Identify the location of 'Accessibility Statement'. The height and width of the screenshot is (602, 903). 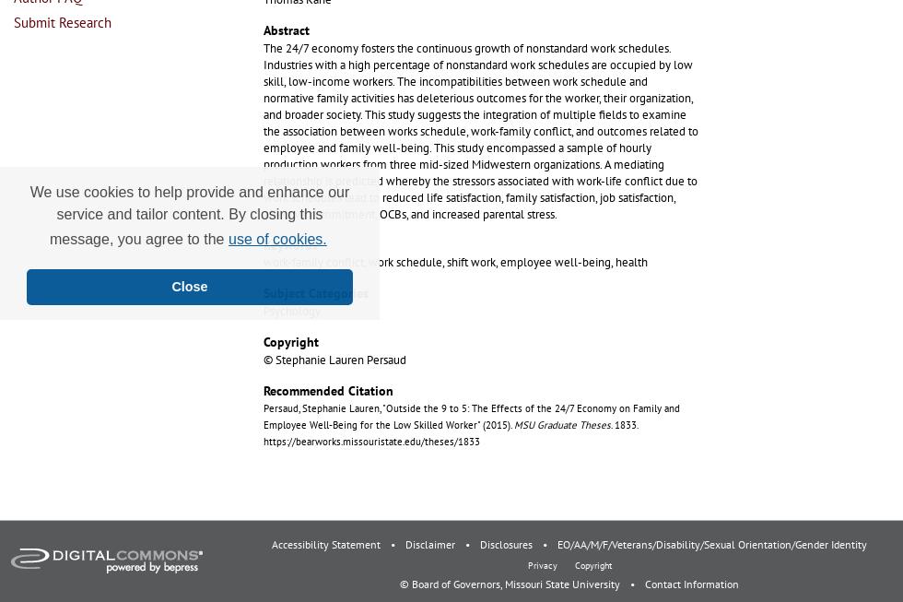
(327, 543).